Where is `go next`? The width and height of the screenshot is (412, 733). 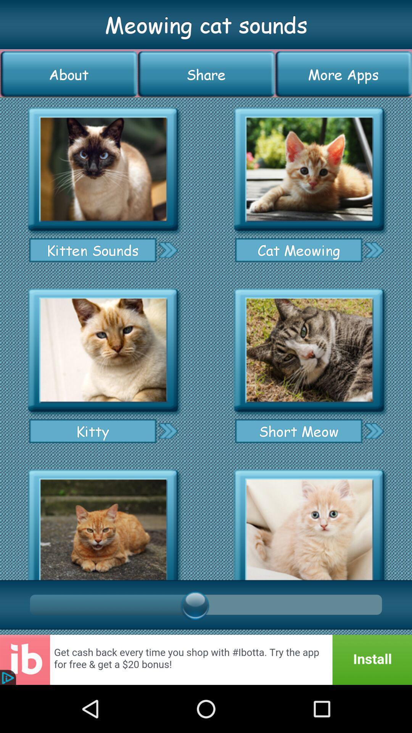
go next is located at coordinates (167, 250).